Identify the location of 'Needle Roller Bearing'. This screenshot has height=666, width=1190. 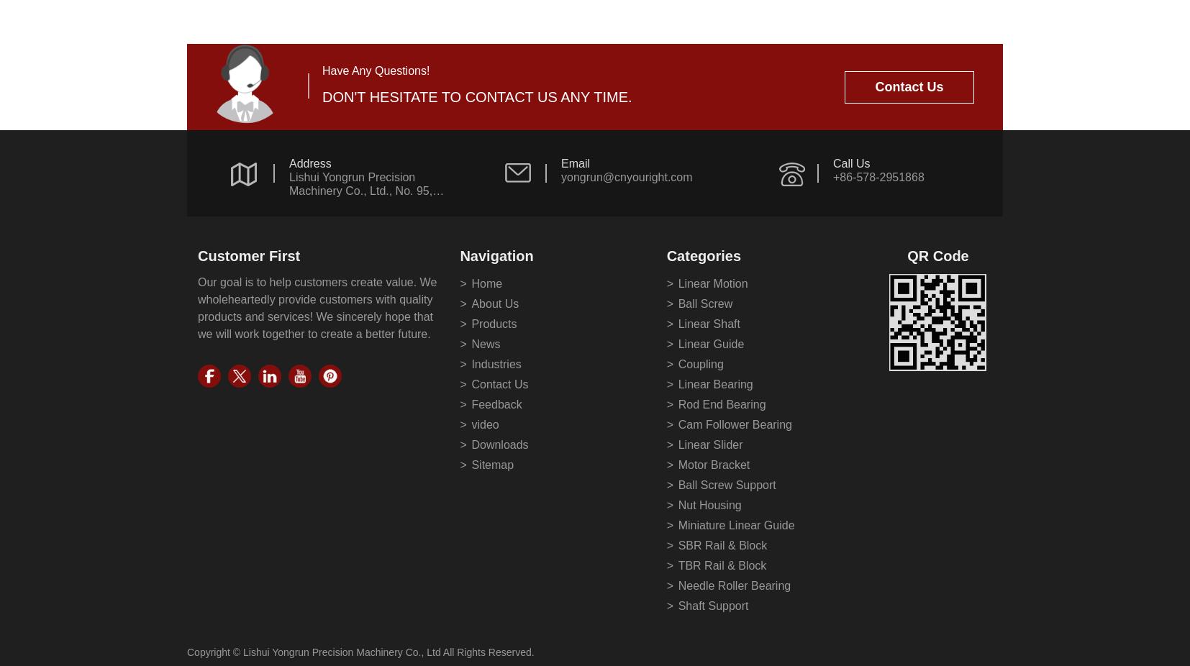
(676, 585).